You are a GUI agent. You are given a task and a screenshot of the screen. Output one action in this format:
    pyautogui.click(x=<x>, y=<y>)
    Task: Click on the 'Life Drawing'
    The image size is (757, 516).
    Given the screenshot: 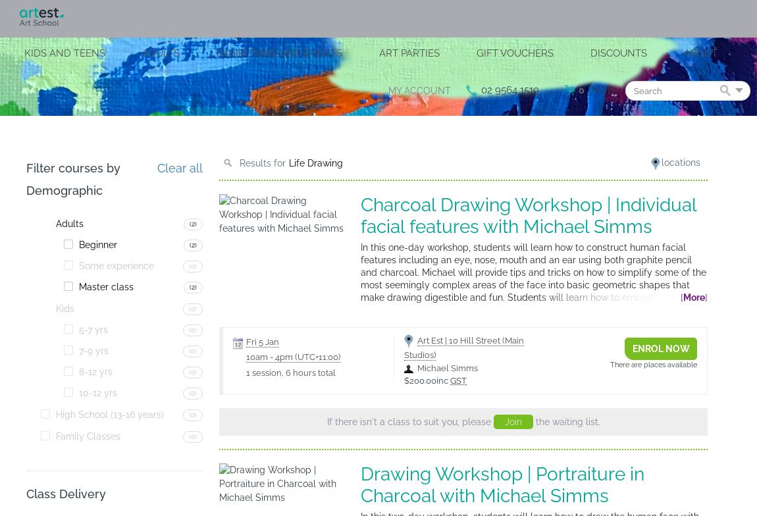 What is the action you would take?
    pyautogui.click(x=288, y=162)
    